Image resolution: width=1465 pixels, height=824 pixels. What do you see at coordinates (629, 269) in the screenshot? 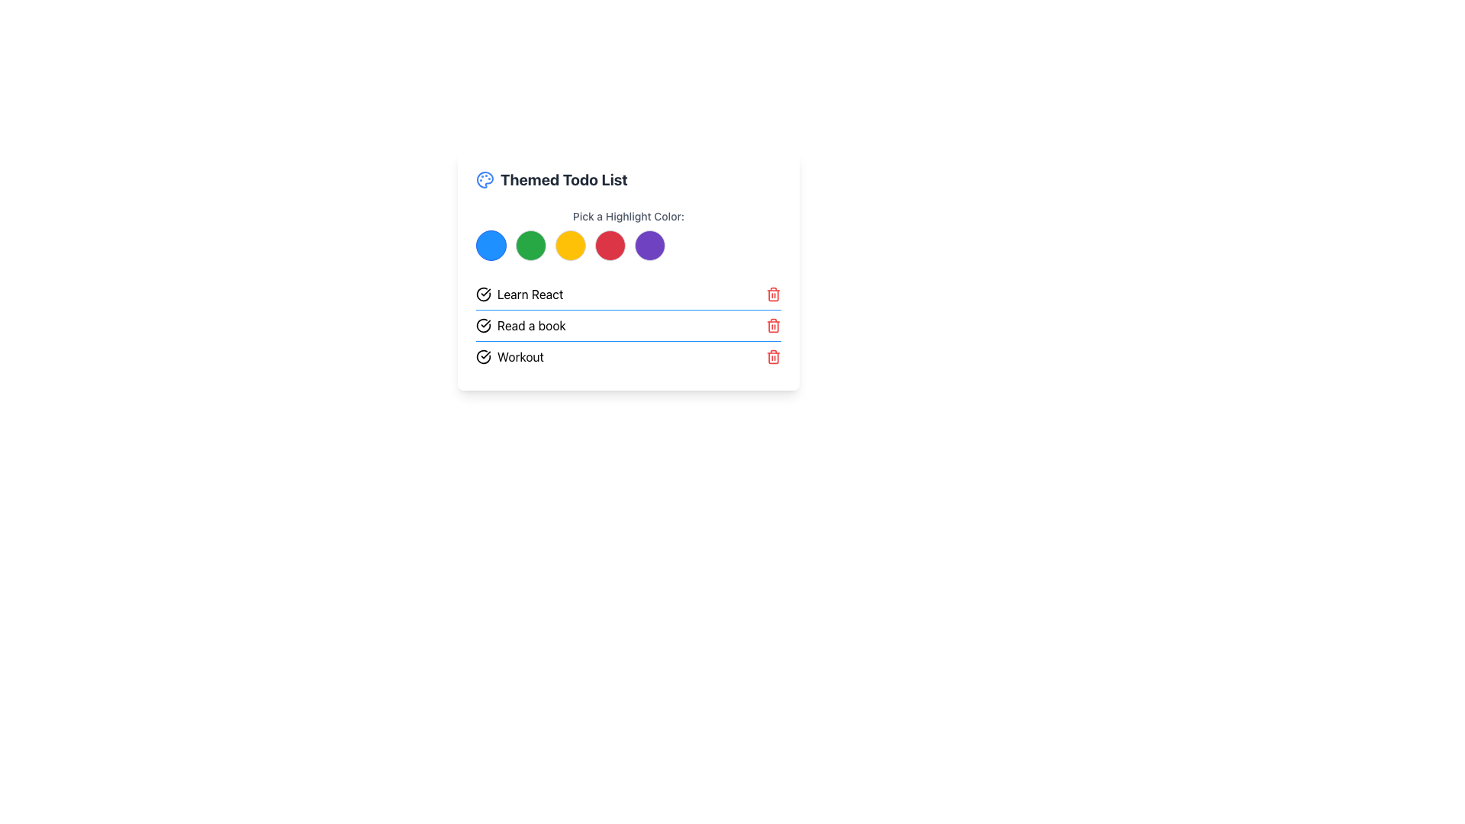
I see `one of the colored circle buttons in the 'Themed Todo List' card` at bounding box center [629, 269].